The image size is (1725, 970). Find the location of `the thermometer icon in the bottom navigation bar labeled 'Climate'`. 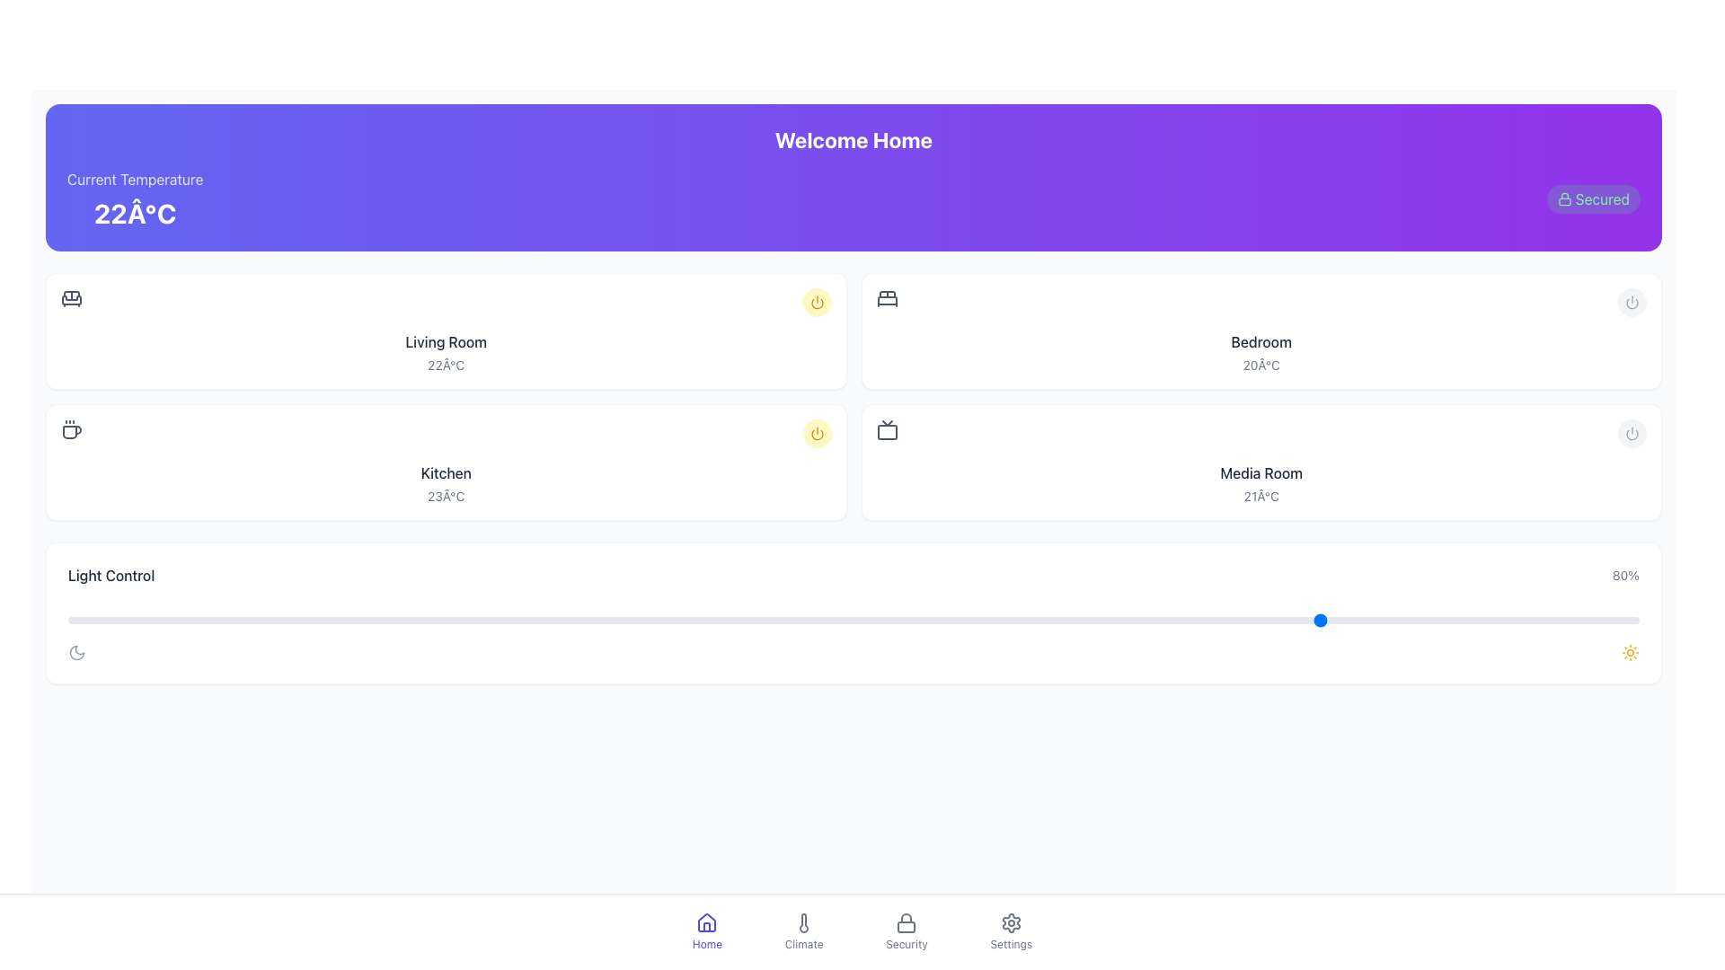

the thermometer icon in the bottom navigation bar labeled 'Climate' is located at coordinates (803, 923).